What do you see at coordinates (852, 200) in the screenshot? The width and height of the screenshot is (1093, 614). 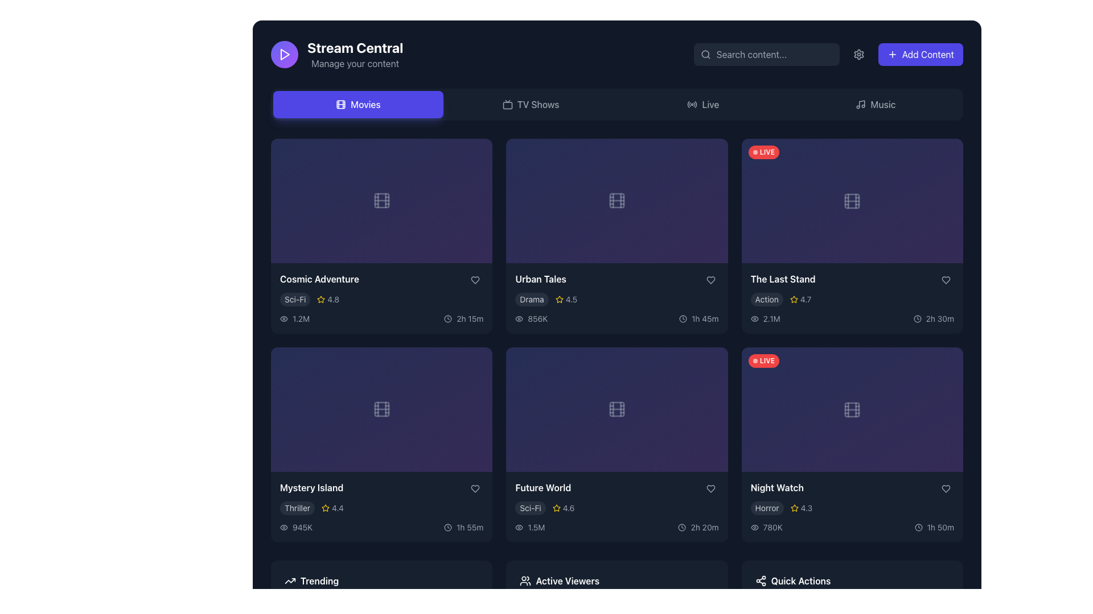 I see `on the Content Card located in the top-right corner of the grid layout under the 'Movies' tab, which features a dark purple background and a 'LIVE' label in the top-left corner` at bounding box center [852, 200].